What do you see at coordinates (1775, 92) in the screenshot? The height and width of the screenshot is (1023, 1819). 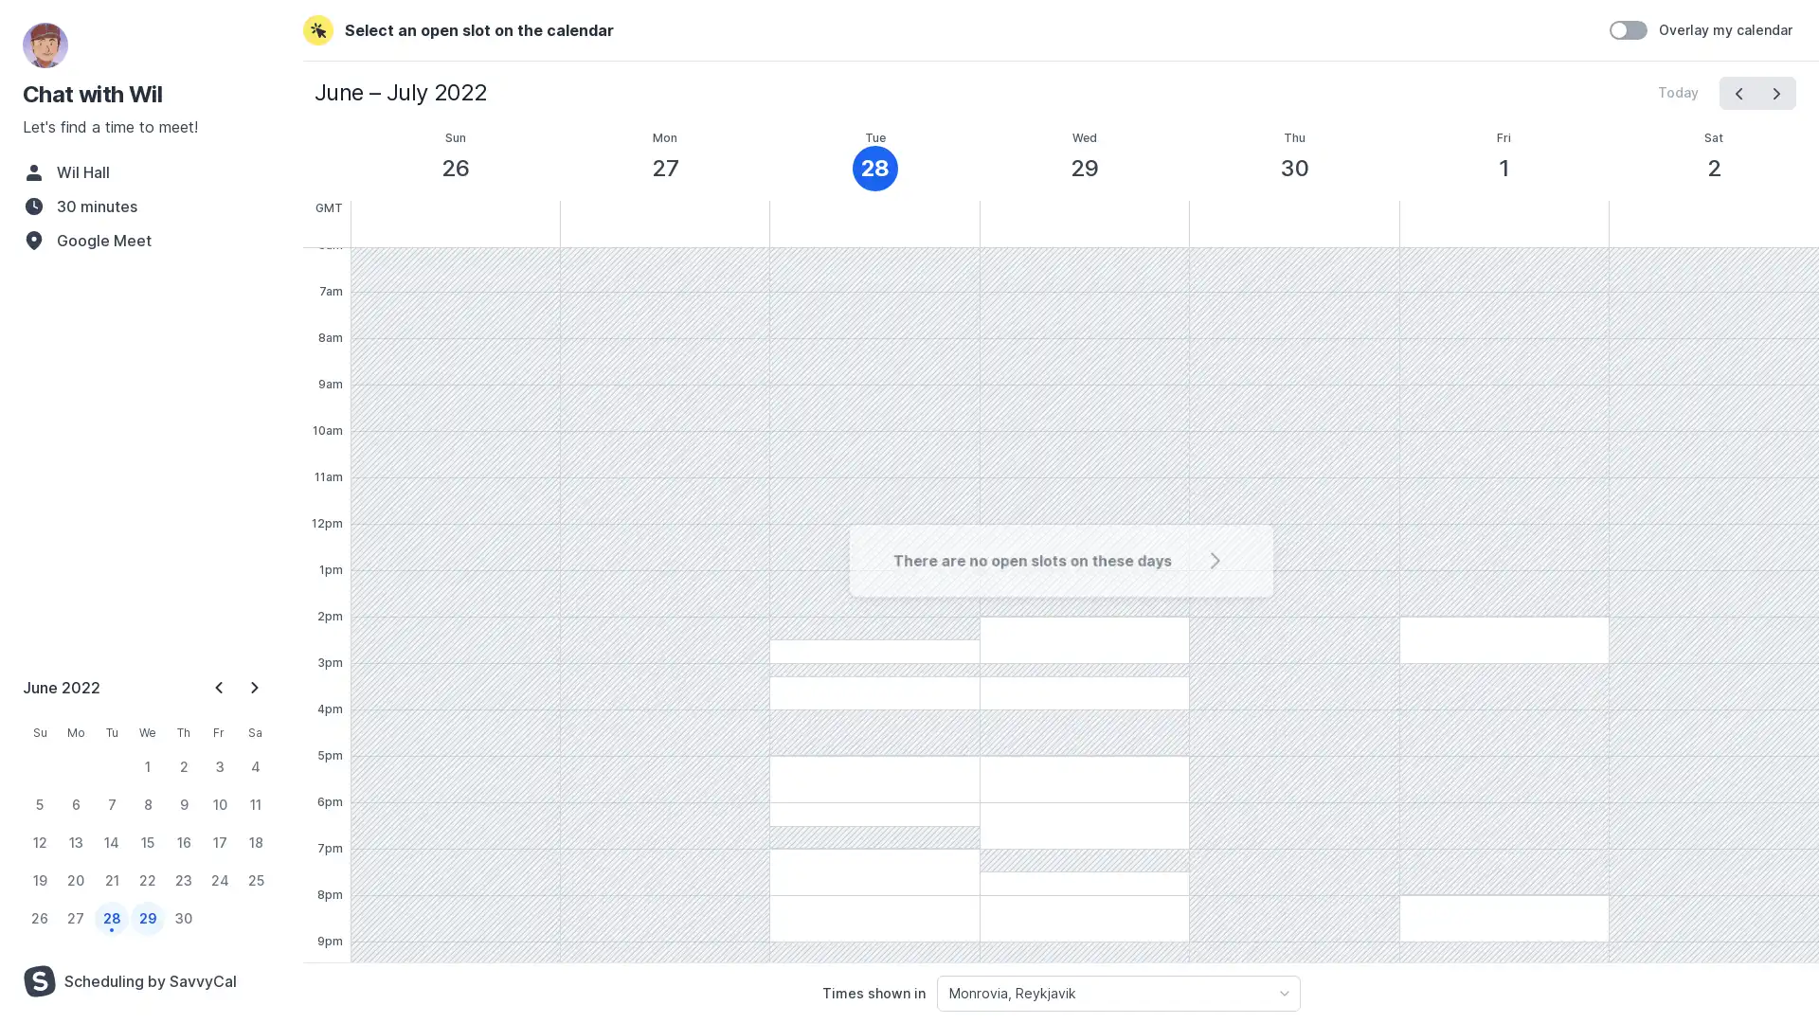 I see `next` at bounding box center [1775, 92].